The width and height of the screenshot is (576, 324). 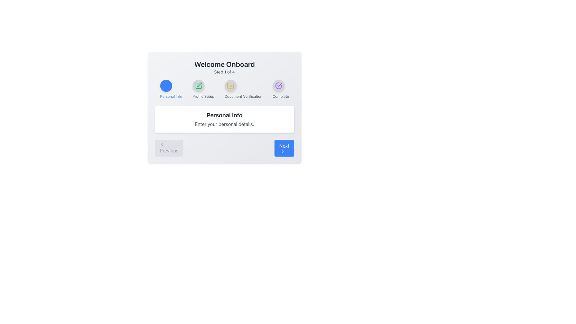 What do you see at coordinates (224, 67) in the screenshot?
I see `the Header text element, which serves as an introductory title and step indicator for the onboarding process, located at the top-center of the card` at bounding box center [224, 67].